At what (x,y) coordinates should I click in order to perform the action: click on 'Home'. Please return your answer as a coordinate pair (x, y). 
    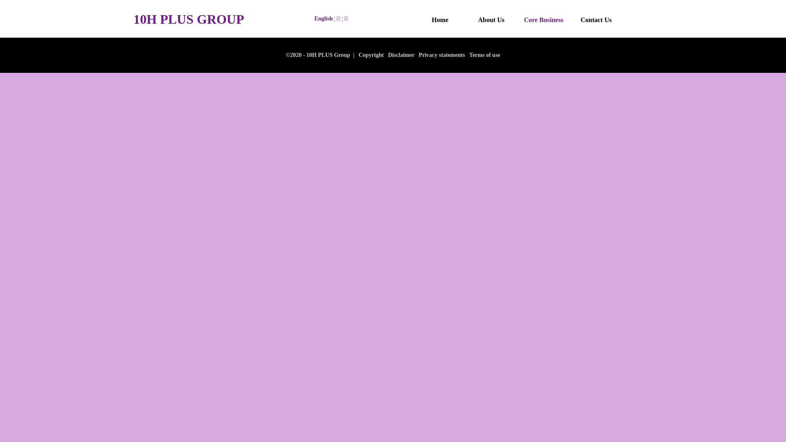
    Looking at the image, I should click on (422, 20).